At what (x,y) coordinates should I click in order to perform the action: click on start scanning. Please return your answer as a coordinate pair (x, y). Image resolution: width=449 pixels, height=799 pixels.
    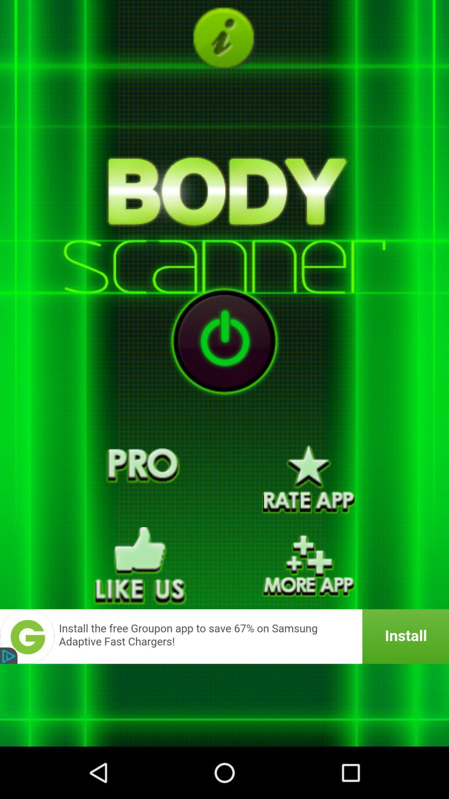
    Looking at the image, I should click on (224, 341).